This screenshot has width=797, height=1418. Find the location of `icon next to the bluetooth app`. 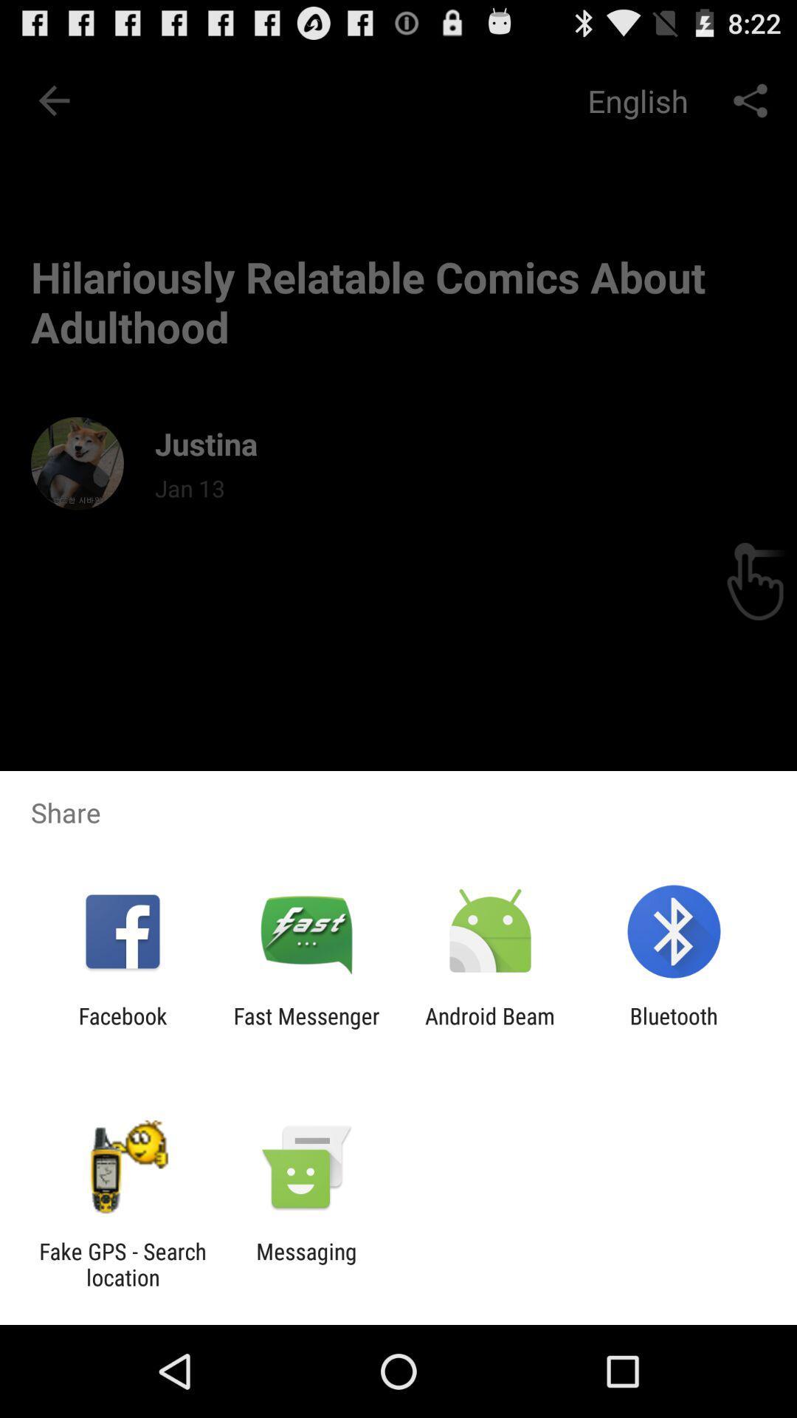

icon next to the bluetooth app is located at coordinates (490, 1028).